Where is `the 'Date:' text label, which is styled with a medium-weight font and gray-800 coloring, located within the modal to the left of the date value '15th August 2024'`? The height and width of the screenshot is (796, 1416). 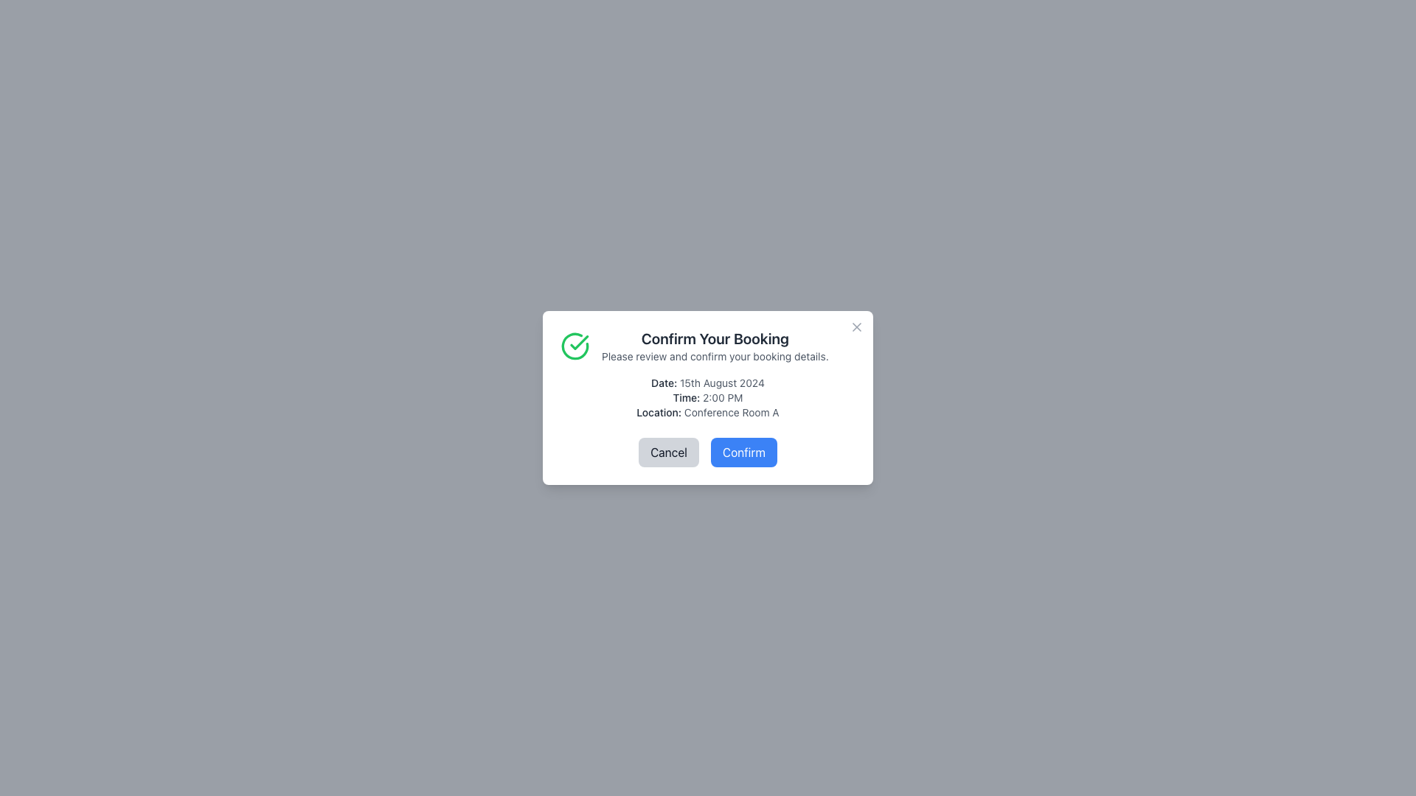
the 'Date:' text label, which is styled with a medium-weight font and gray-800 coloring, located within the modal to the left of the date value '15th August 2024' is located at coordinates (663, 382).